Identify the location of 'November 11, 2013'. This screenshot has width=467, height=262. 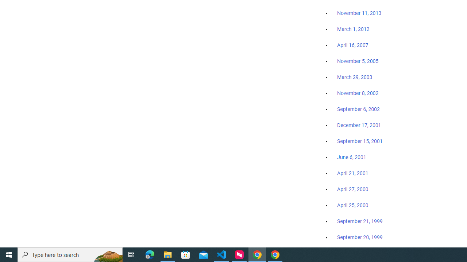
(359, 13).